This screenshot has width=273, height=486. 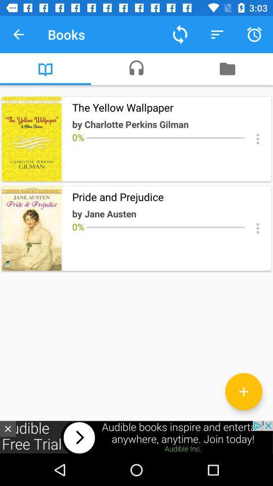 What do you see at coordinates (257, 138) in the screenshot?
I see `option function` at bounding box center [257, 138].